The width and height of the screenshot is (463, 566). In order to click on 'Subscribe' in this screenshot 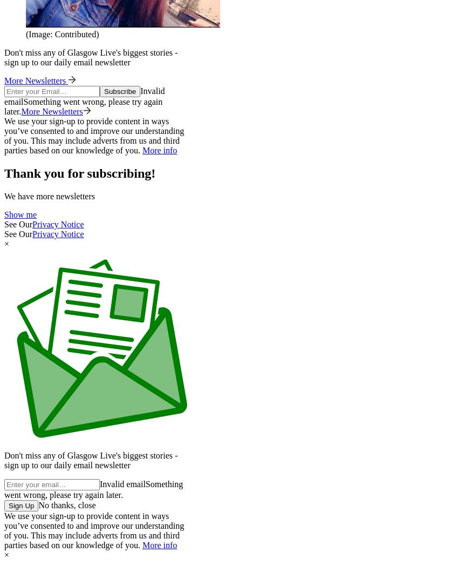, I will do `click(104, 91)`.